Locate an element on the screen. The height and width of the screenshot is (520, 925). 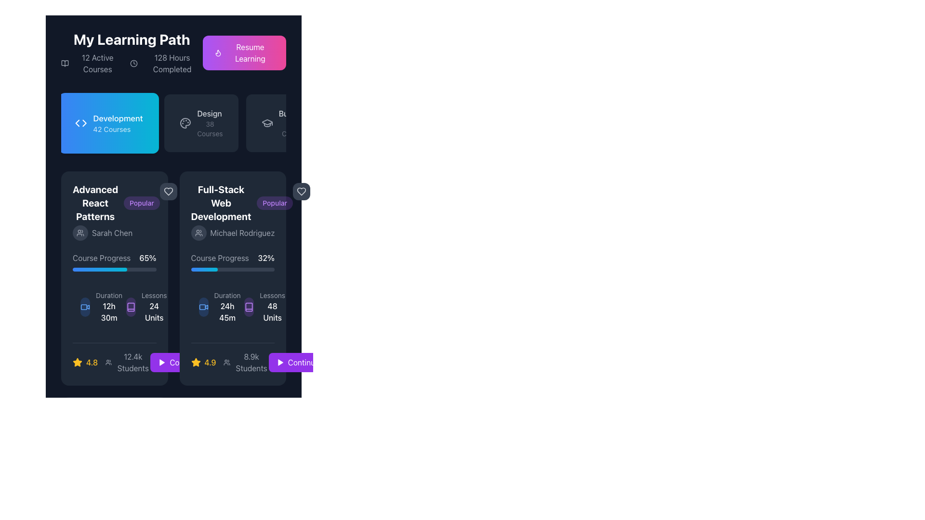
the 'Development' text label located at the top left of the interface, which identifies the category for related resources is located at coordinates (117, 117).